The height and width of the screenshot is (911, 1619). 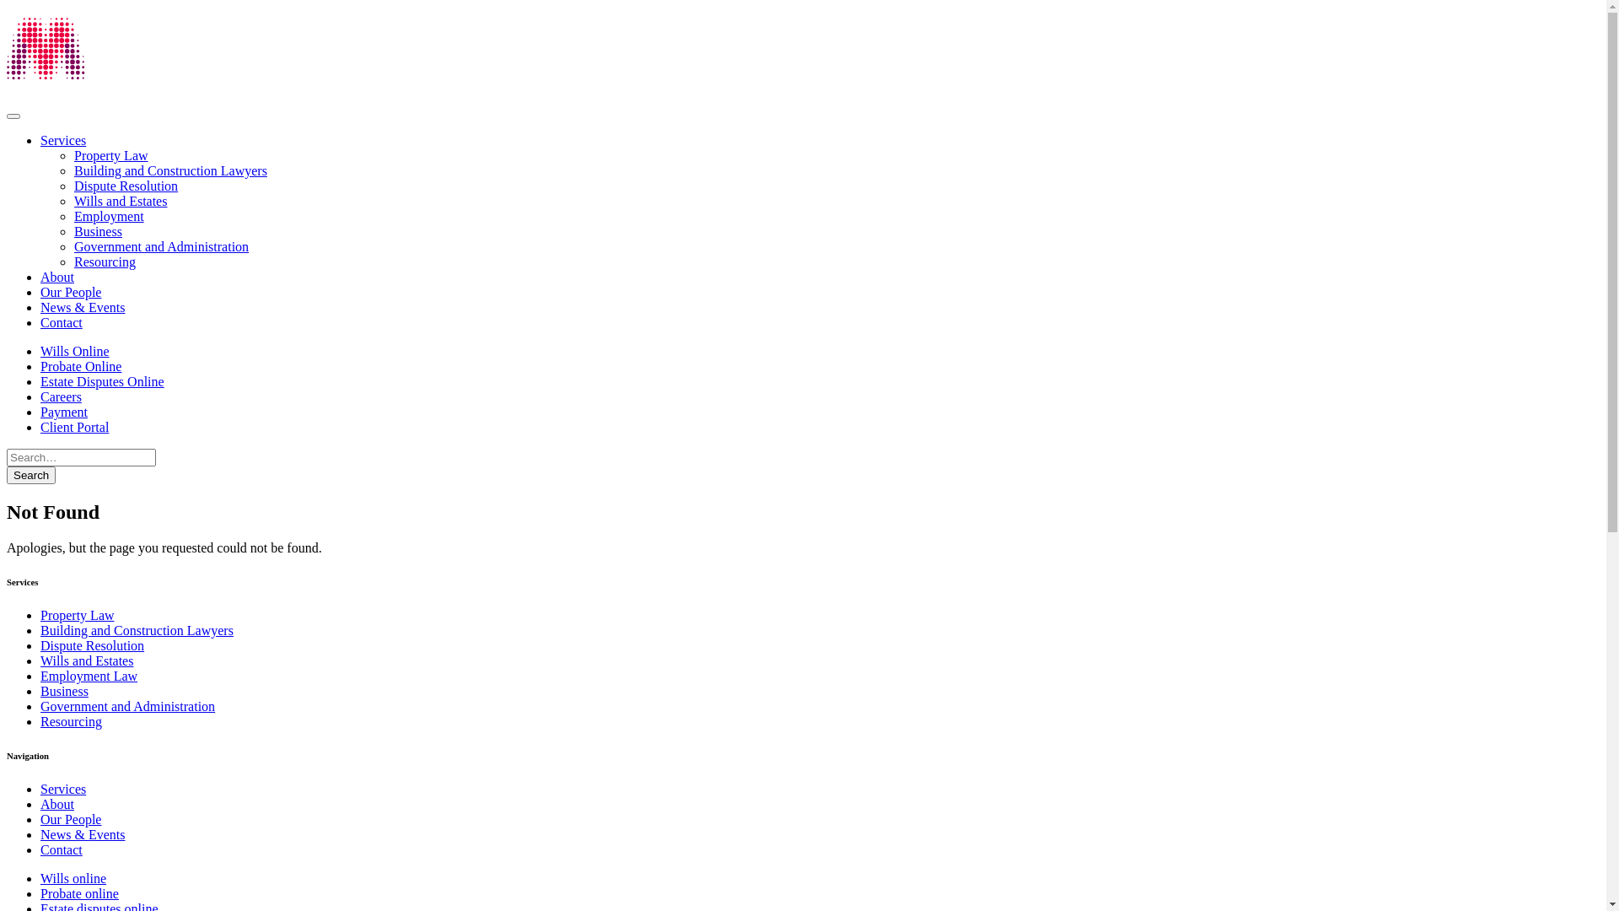 I want to click on 'About', so click(x=56, y=803).